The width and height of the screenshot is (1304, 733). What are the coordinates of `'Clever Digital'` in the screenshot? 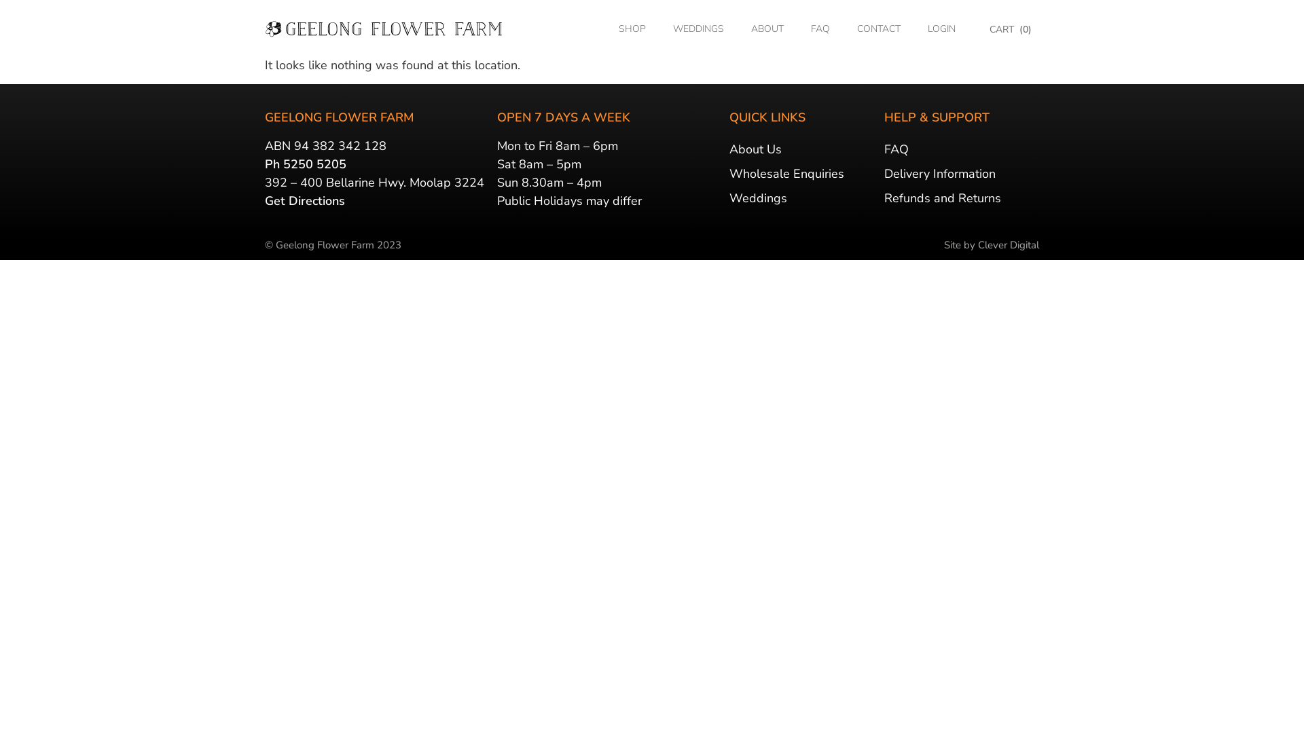 It's located at (1008, 245).